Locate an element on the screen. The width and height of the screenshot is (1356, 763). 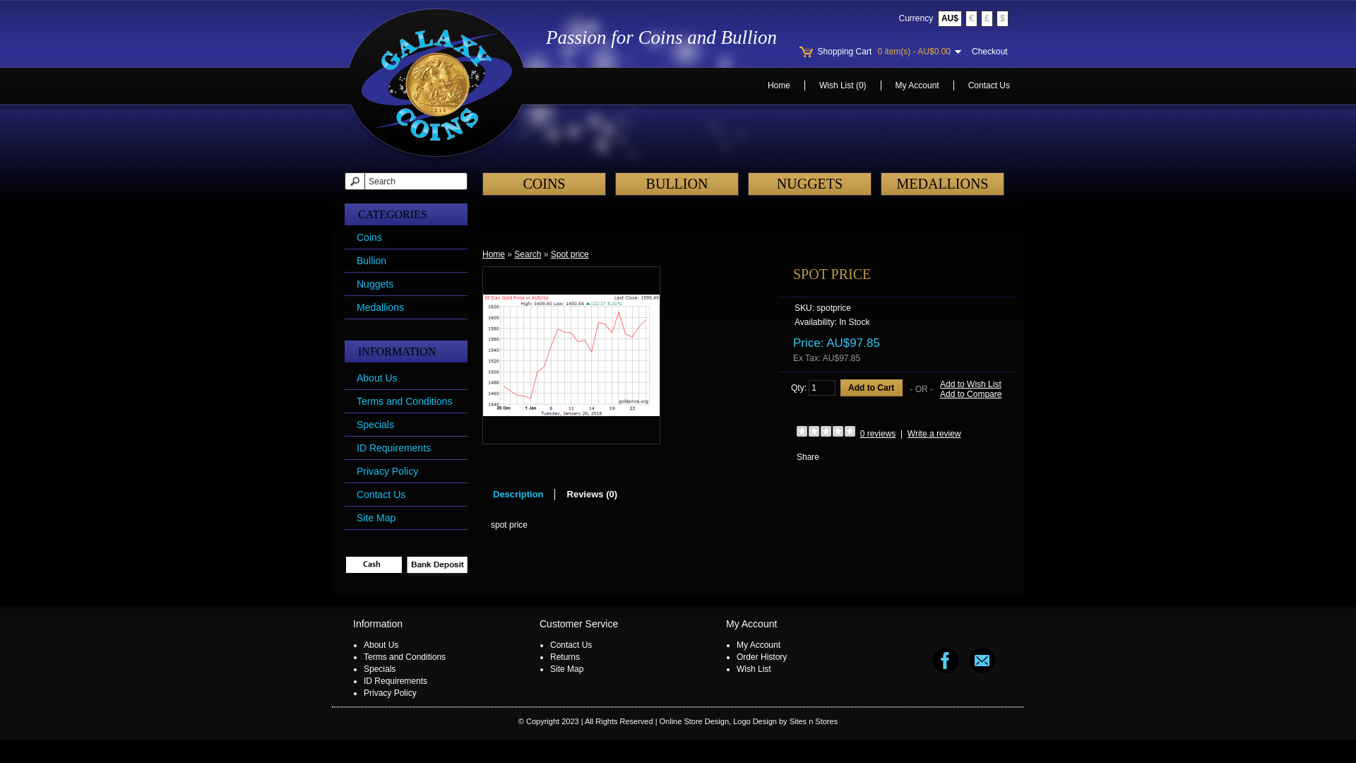
'Contact Us' is located at coordinates (988, 85).